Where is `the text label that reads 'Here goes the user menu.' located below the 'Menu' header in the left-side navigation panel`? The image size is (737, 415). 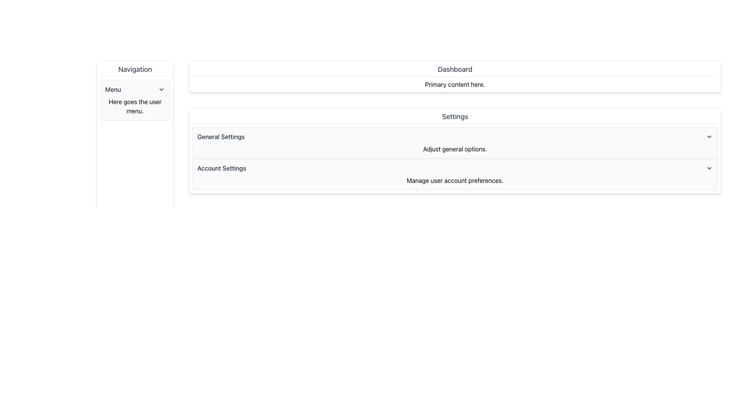 the text label that reads 'Here goes the user menu.' located below the 'Menu' header in the left-side navigation panel is located at coordinates (135, 106).